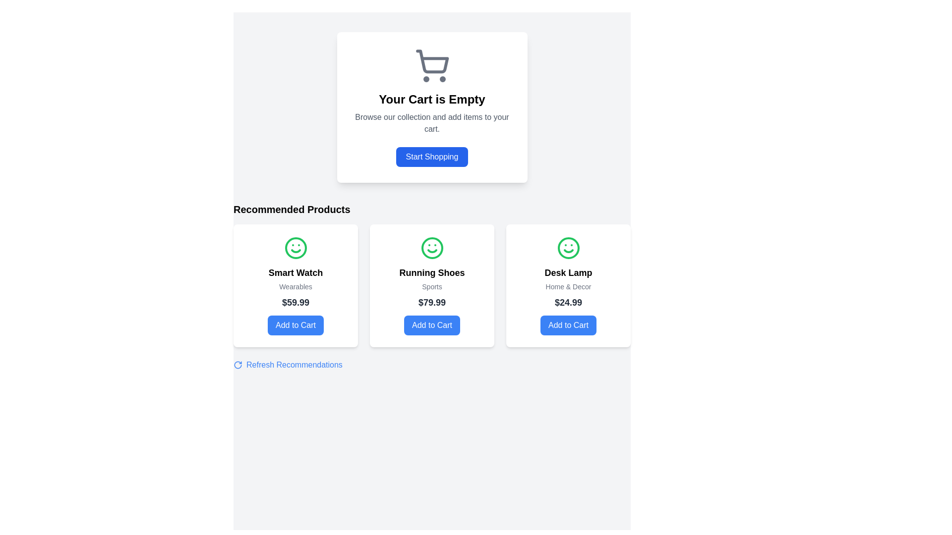 This screenshot has width=952, height=535. I want to click on the 'Desk Lamp' text in the third card of the product recommendations section, so click(568, 273).